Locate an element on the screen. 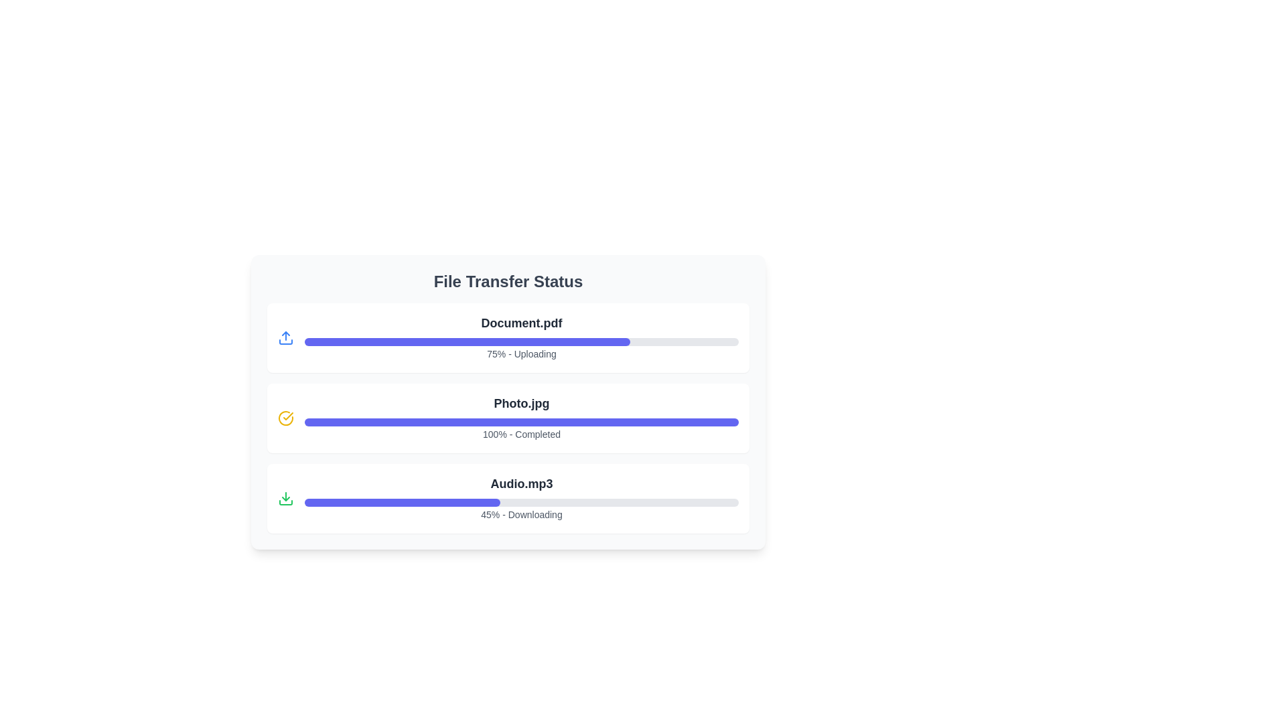 Image resolution: width=1286 pixels, height=723 pixels. the progress bar displaying 'Photo.jpg' with the status message '100% - Completed' is located at coordinates (520, 417).